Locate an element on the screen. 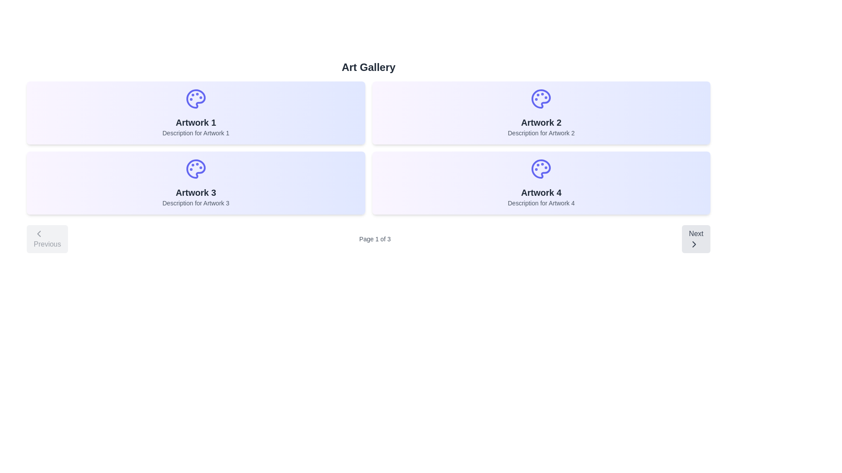 The height and width of the screenshot is (473, 842). the main outline of the painter's palette icon styled with a purple-blue stroke, located within the card labeled 'Artwork 2' is located at coordinates (541, 99).